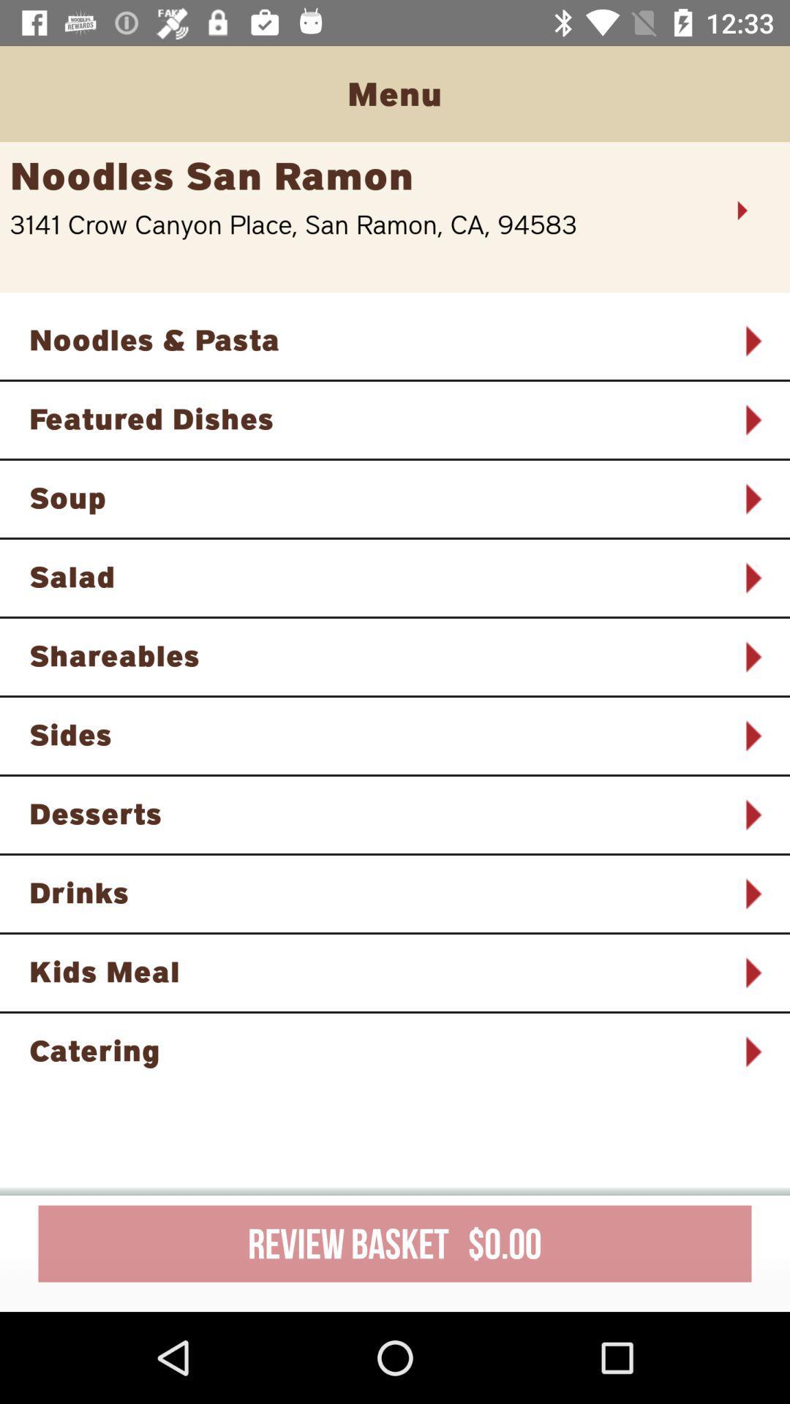 The width and height of the screenshot is (790, 1404). I want to click on the icon below the salad  icon, so click(375, 654).